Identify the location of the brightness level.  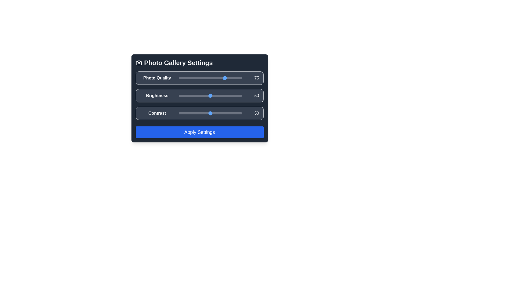
(235, 95).